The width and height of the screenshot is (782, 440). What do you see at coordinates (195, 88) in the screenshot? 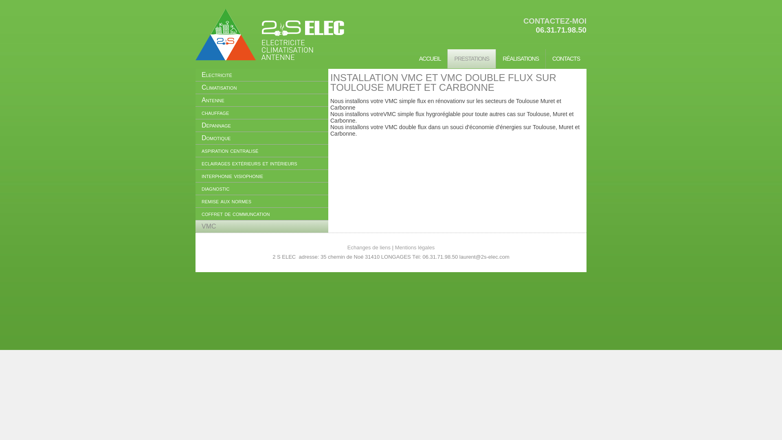
I see `'Climatisation'` at bounding box center [195, 88].